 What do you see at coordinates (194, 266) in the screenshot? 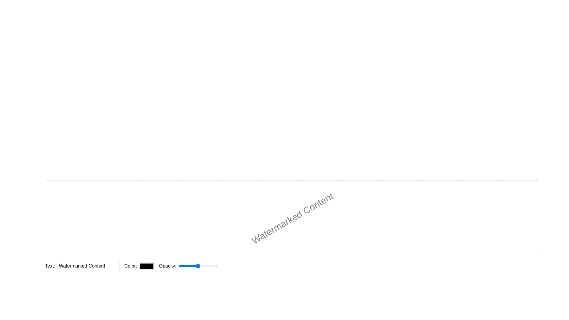
I see `the opacity value` at bounding box center [194, 266].